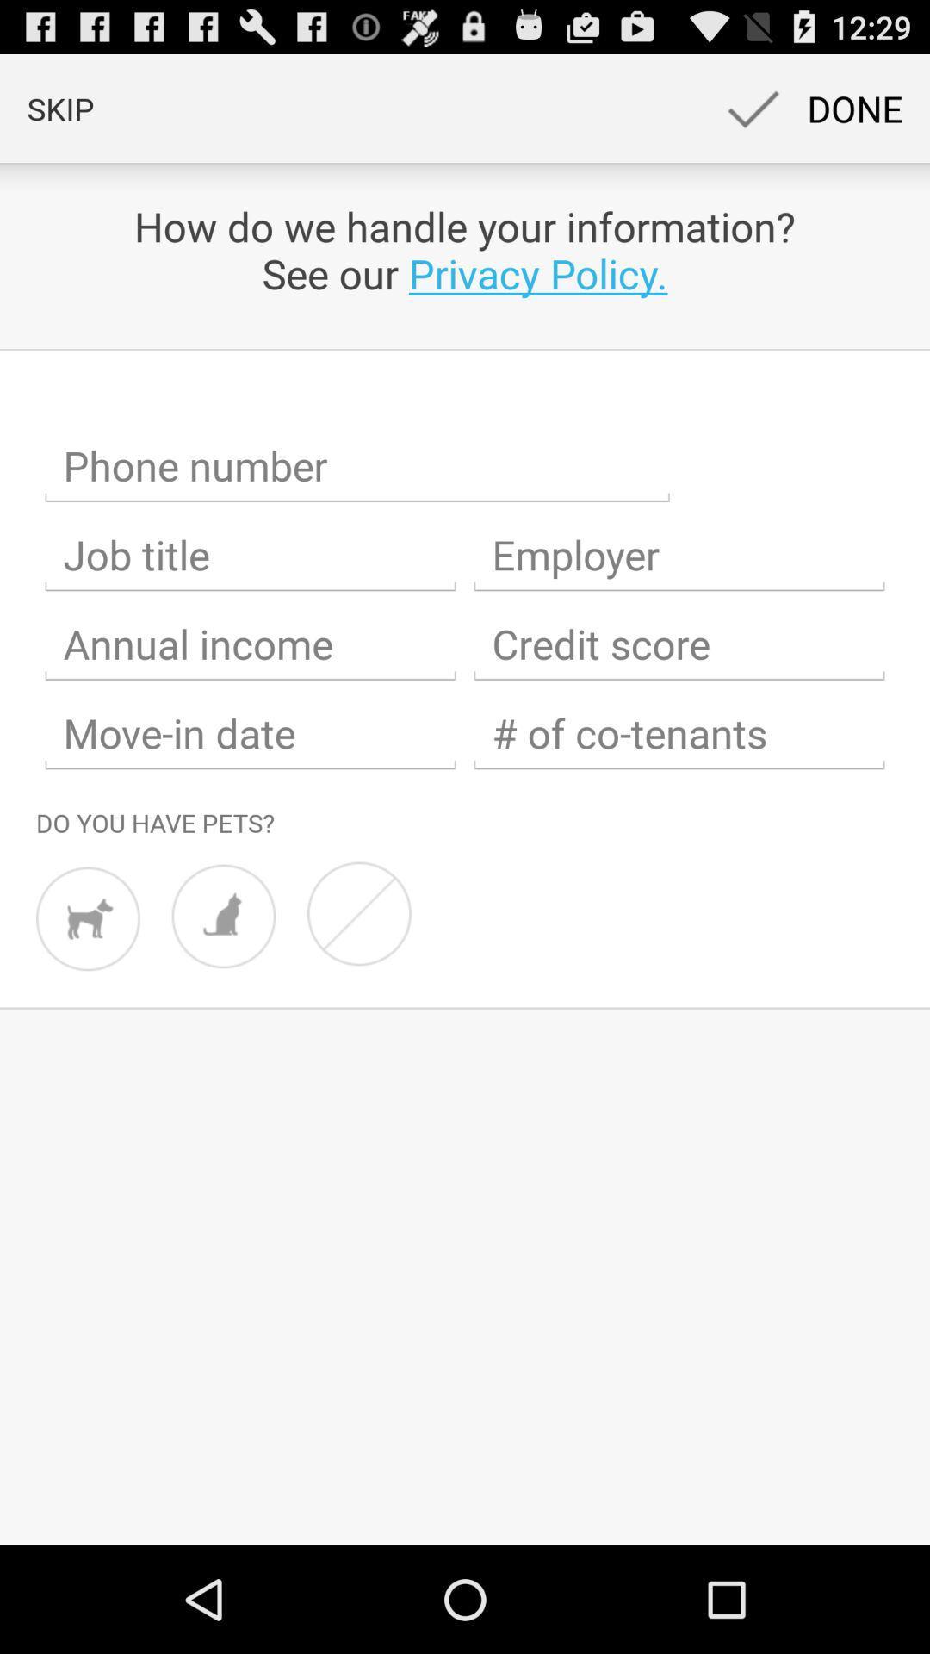 The image size is (930, 1654). Describe the element at coordinates (679, 644) in the screenshot. I see `information option` at that location.